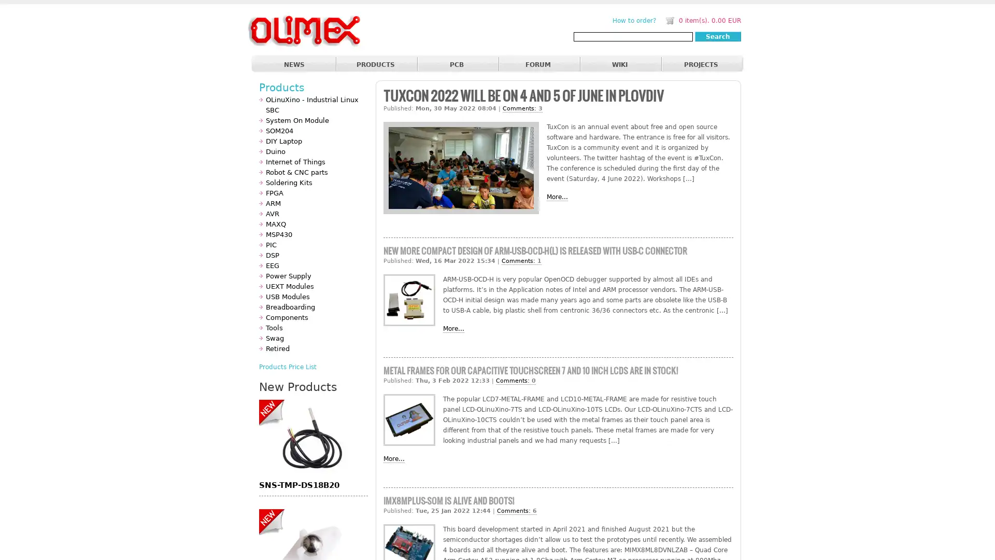 Image resolution: width=995 pixels, height=560 pixels. What do you see at coordinates (717, 36) in the screenshot?
I see `Search` at bounding box center [717, 36].